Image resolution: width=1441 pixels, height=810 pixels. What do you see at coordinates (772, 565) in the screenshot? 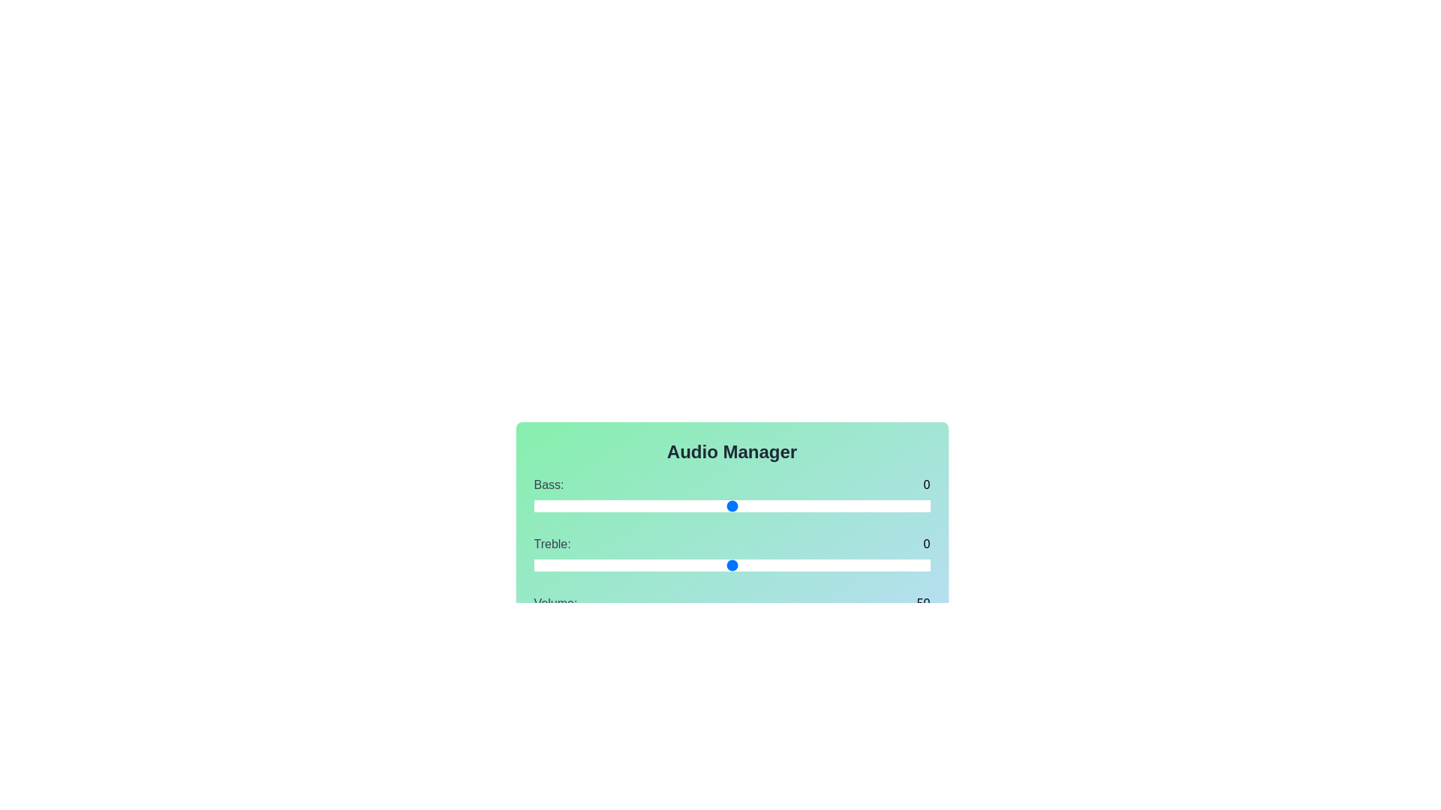
I see `the Treble slider to 2` at bounding box center [772, 565].